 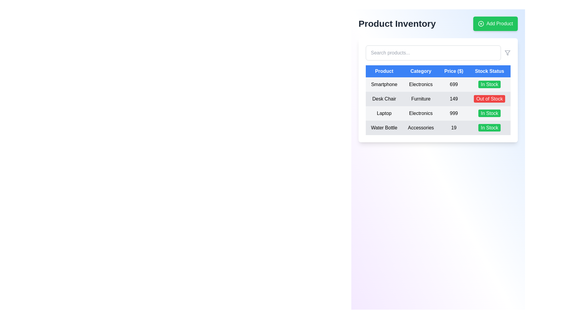 What do you see at coordinates (384, 98) in the screenshot?
I see `the text label displaying 'Desk Chair' in the product details row of the table` at bounding box center [384, 98].